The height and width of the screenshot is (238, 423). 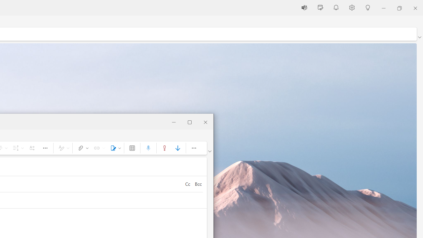 I want to click on 'Cc', so click(x=187, y=184).